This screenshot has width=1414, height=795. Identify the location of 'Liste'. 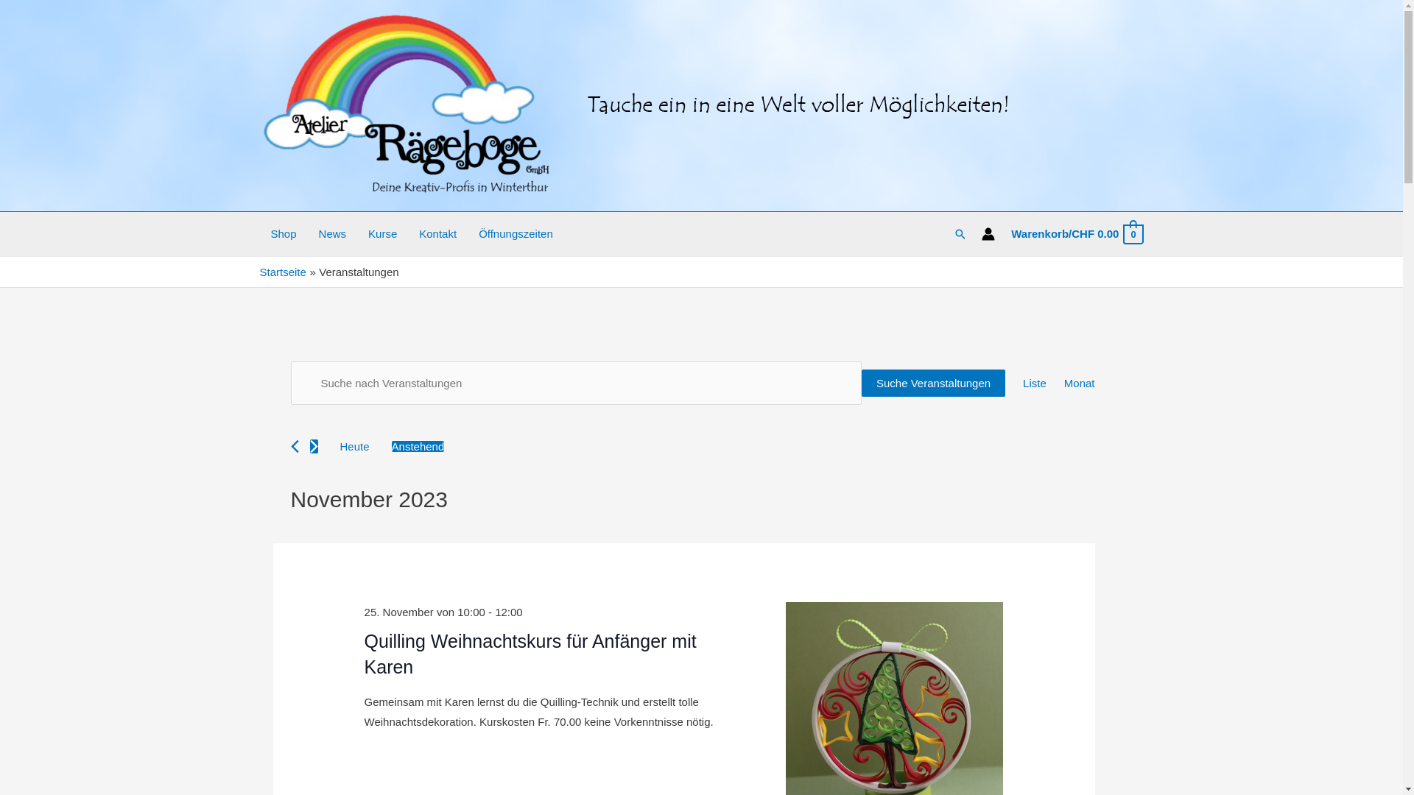
(1021, 382).